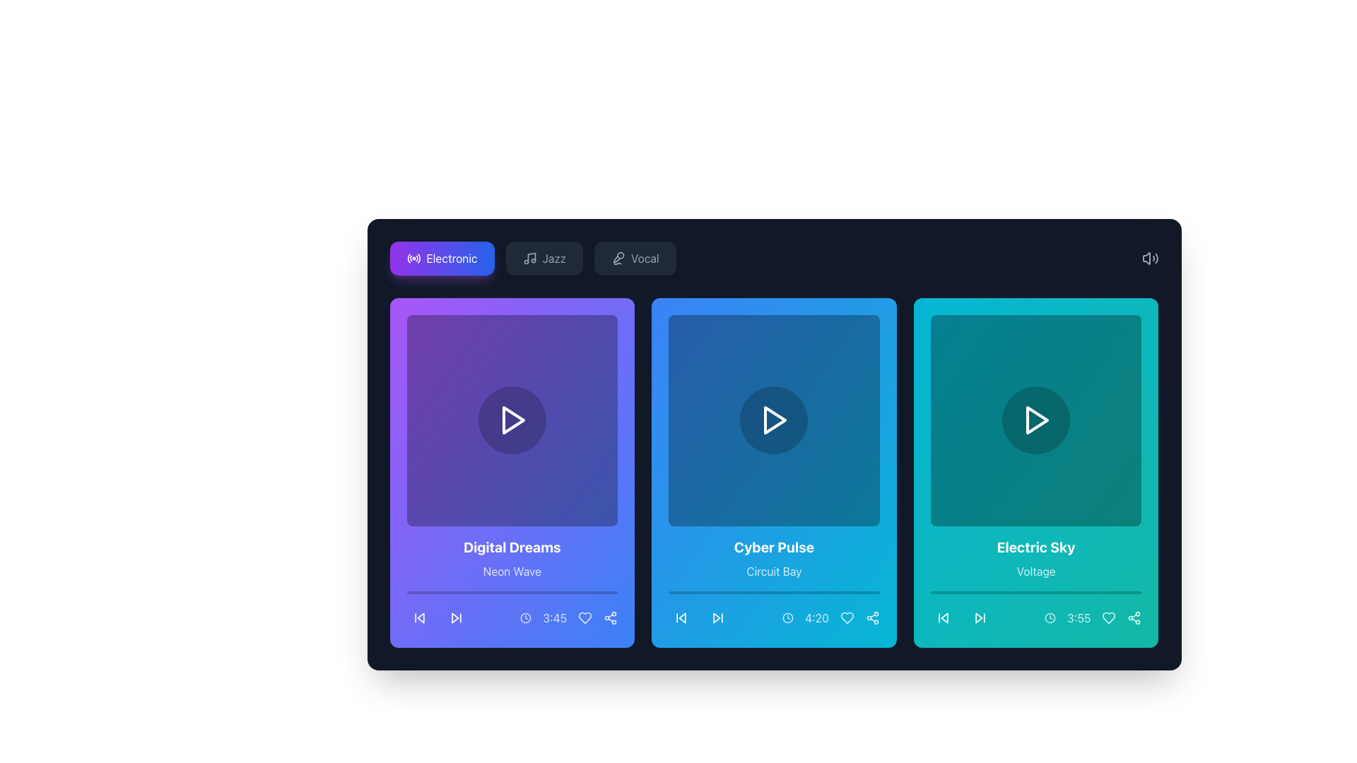 This screenshot has height=763, width=1357. I want to click on the text label displaying the duration or time associated with the media content at the bottom-center of the 'Cyber Pulse' card, so click(831, 617).